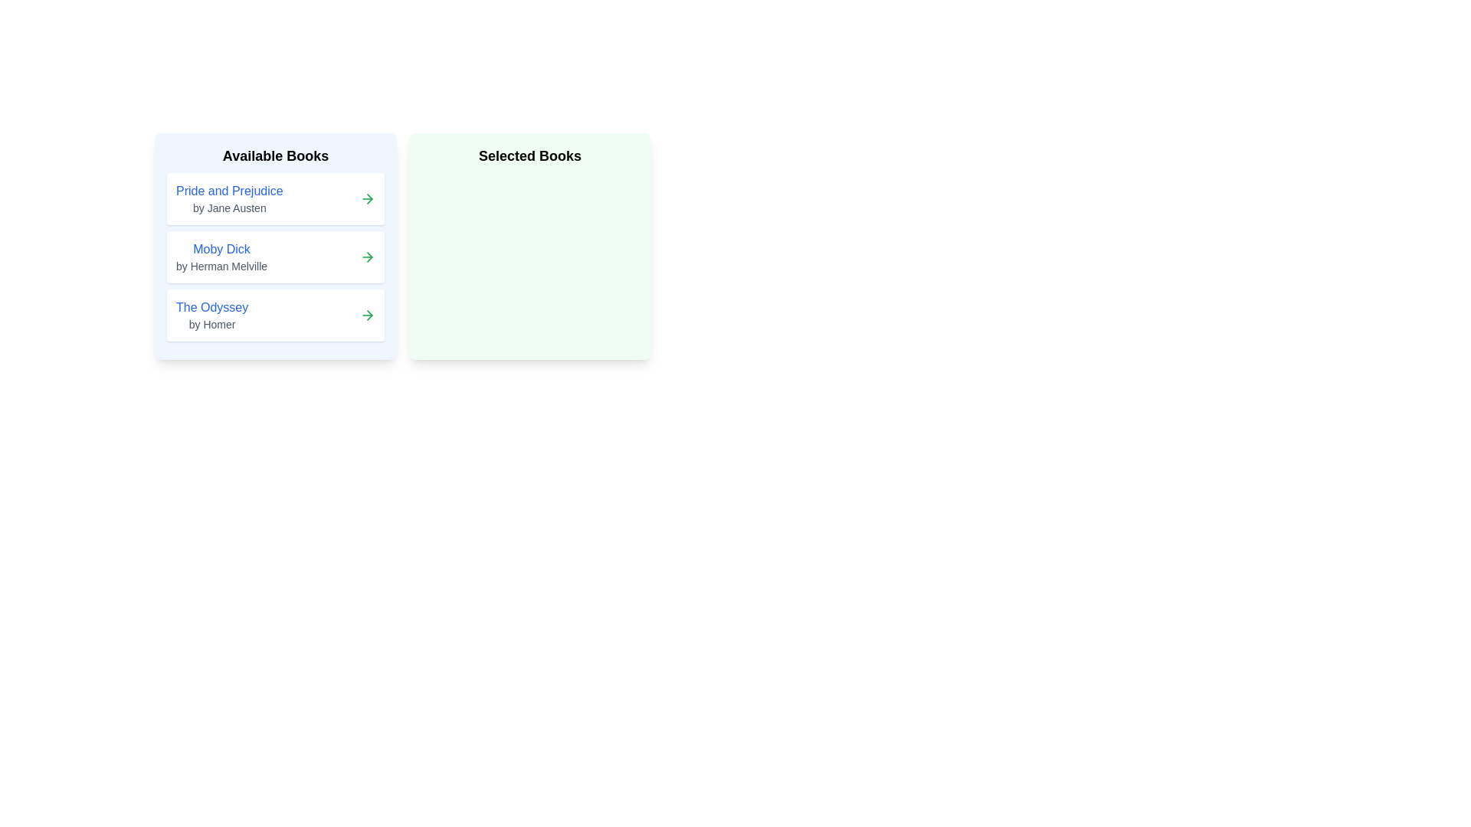 The image size is (1471, 827). I want to click on the list item titled 'Moby Dick' that has a light blue background and is the middle item in the 'Available Books' section, so click(276, 245).